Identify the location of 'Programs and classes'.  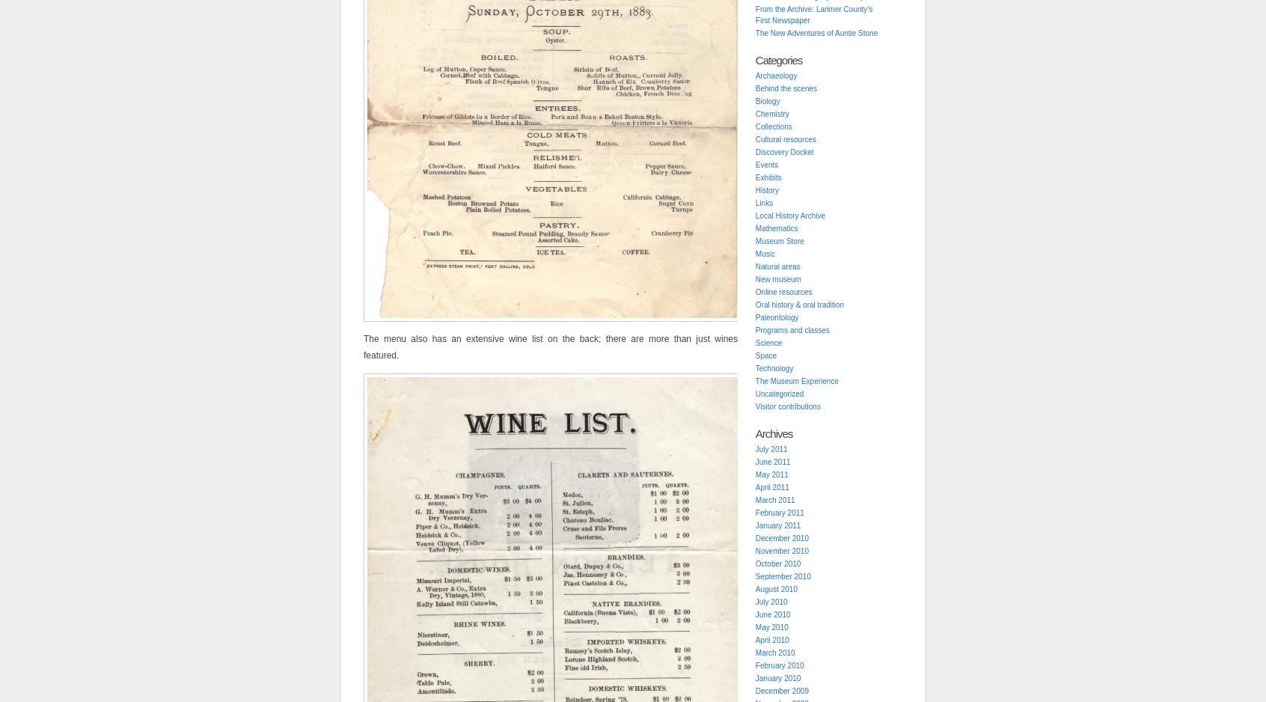
(792, 329).